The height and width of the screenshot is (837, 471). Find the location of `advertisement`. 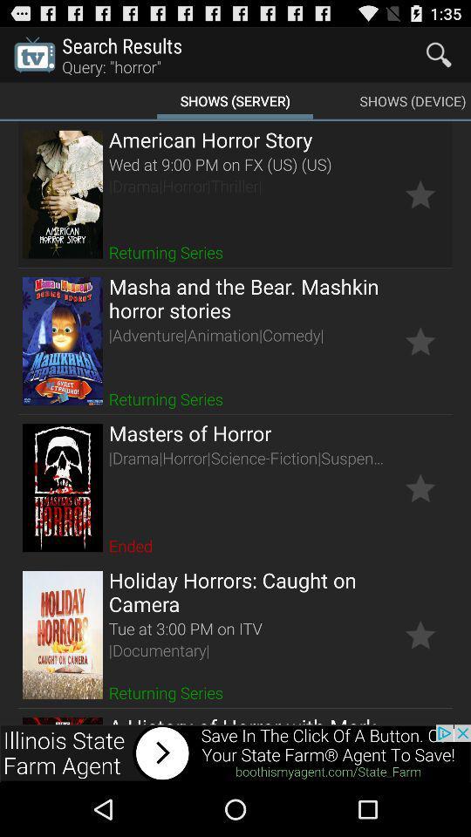

advertisement is located at coordinates (235, 752).